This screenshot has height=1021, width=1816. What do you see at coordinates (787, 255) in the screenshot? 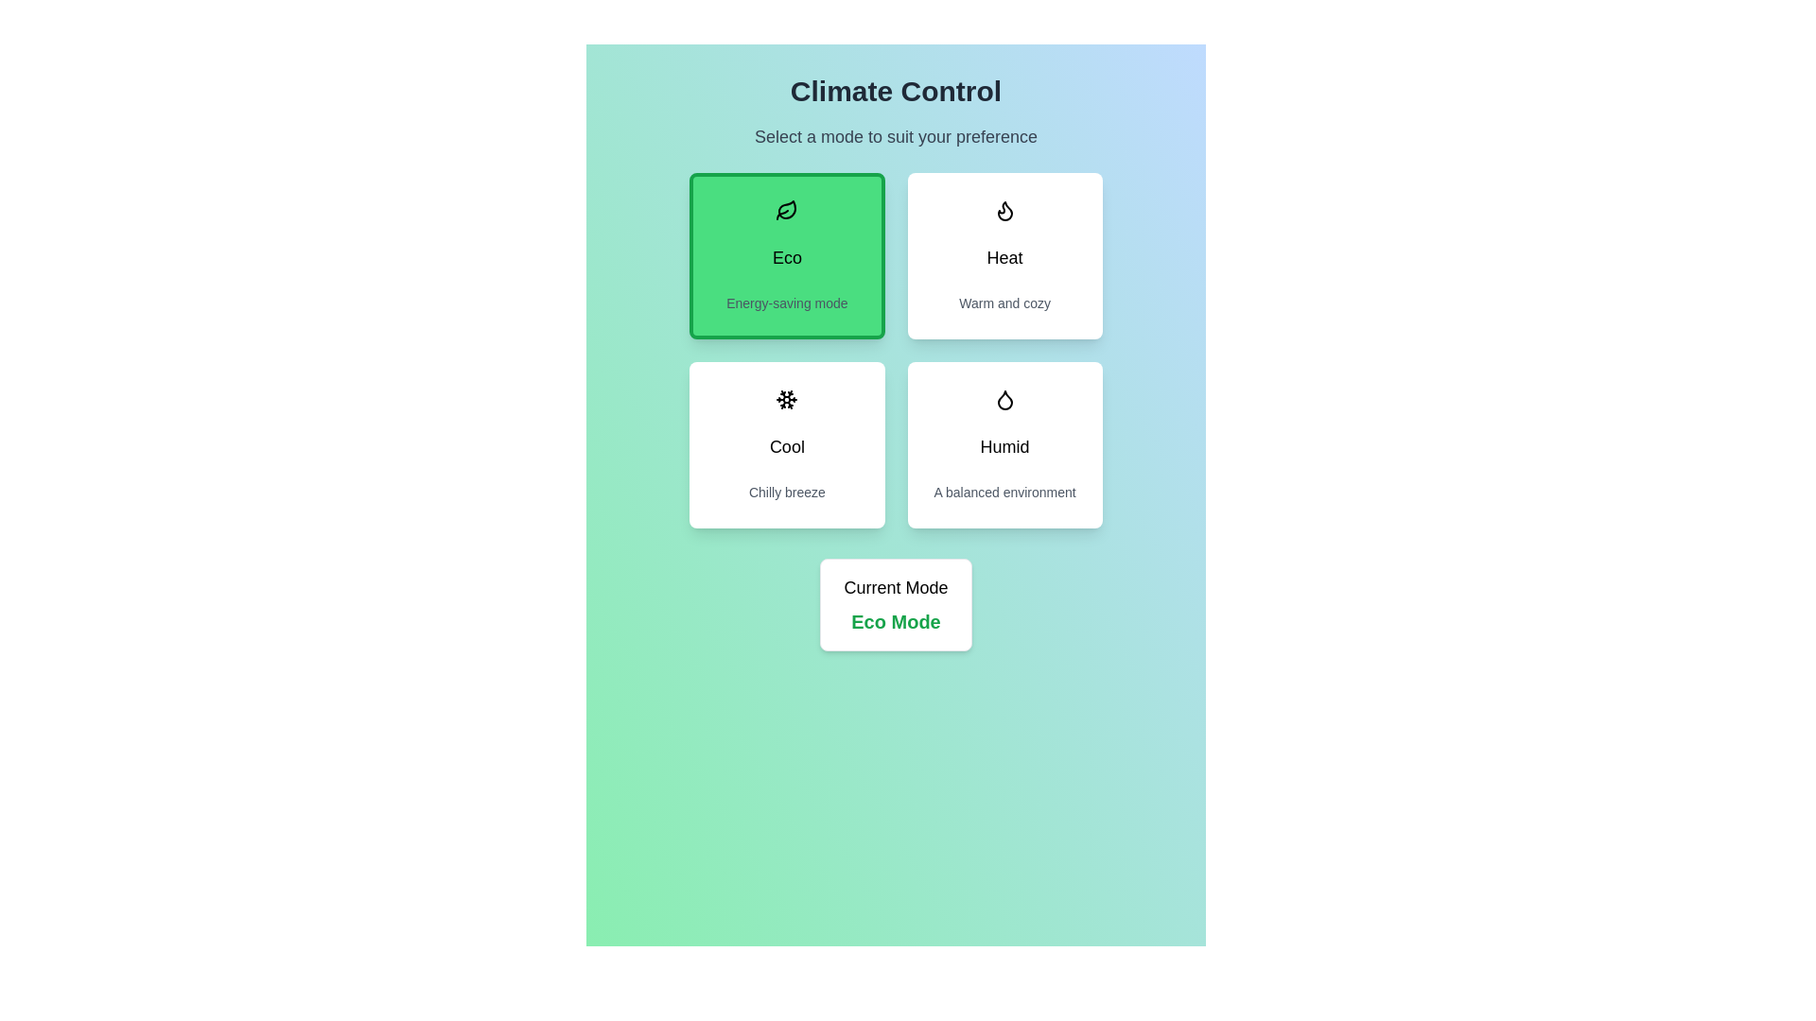
I see `the button corresponding to the mode Eco to read its description` at bounding box center [787, 255].